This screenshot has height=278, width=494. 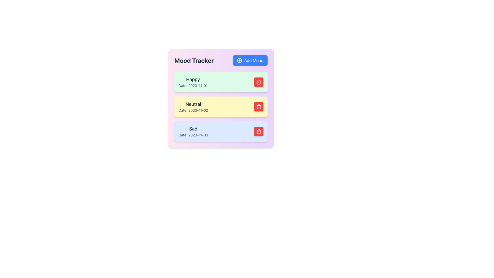 I want to click on the text label displaying the date '2023-11-01', which is styled in gray font and located beneath the word 'Happy' in the first entry of a list-like grouping, so click(x=193, y=85).